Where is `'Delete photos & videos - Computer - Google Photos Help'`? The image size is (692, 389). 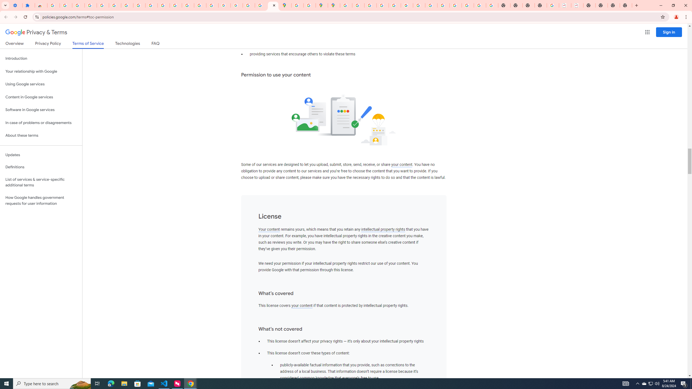 'Delete photos & videos - Computer - Google Photos Help' is located at coordinates (78, 5).